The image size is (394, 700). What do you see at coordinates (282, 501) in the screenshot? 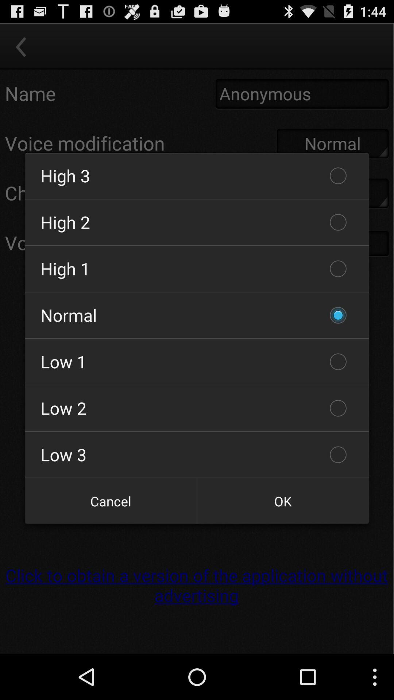
I see `icon below low 3 icon` at bounding box center [282, 501].